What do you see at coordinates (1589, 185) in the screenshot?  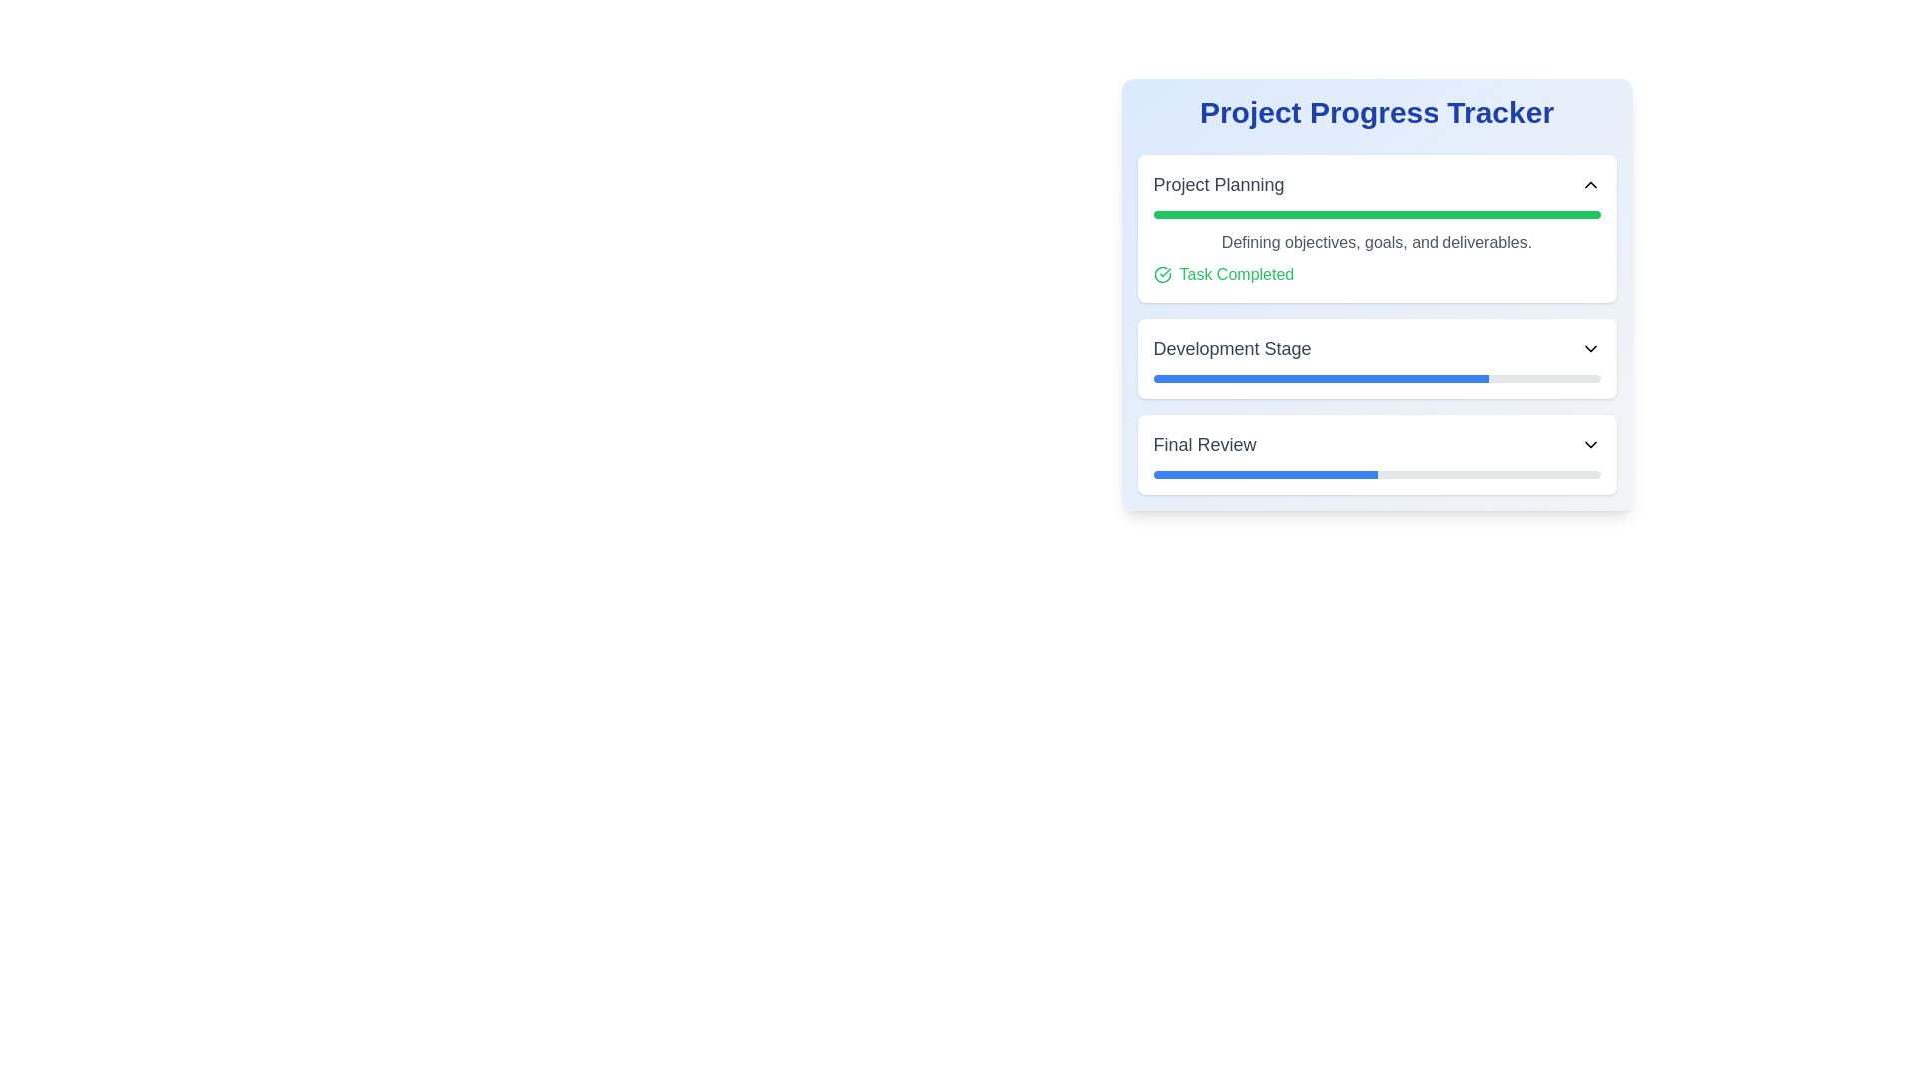 I see `the up-chevron icon button located at the far-right side of the 'Project Planning' section` at bounding box center [1589, 185].